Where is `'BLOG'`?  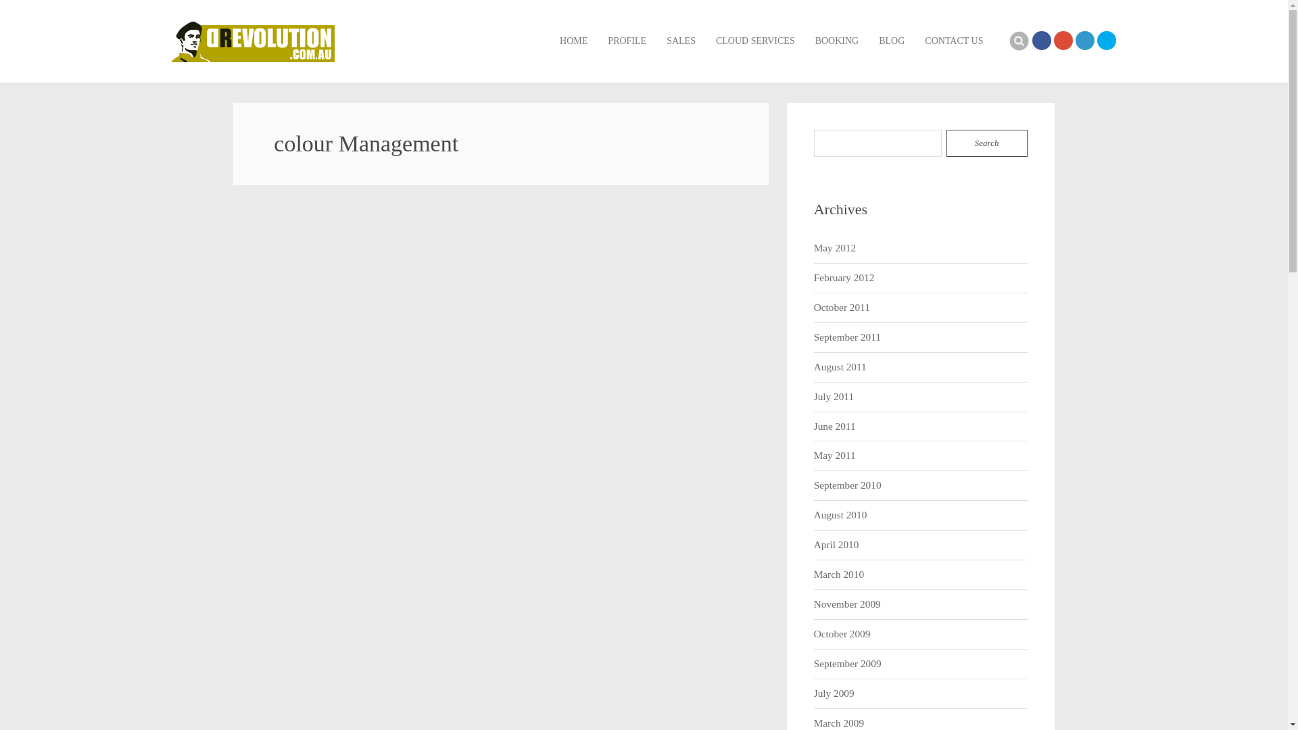 'BLOG' is located at coordinates (892, 41).